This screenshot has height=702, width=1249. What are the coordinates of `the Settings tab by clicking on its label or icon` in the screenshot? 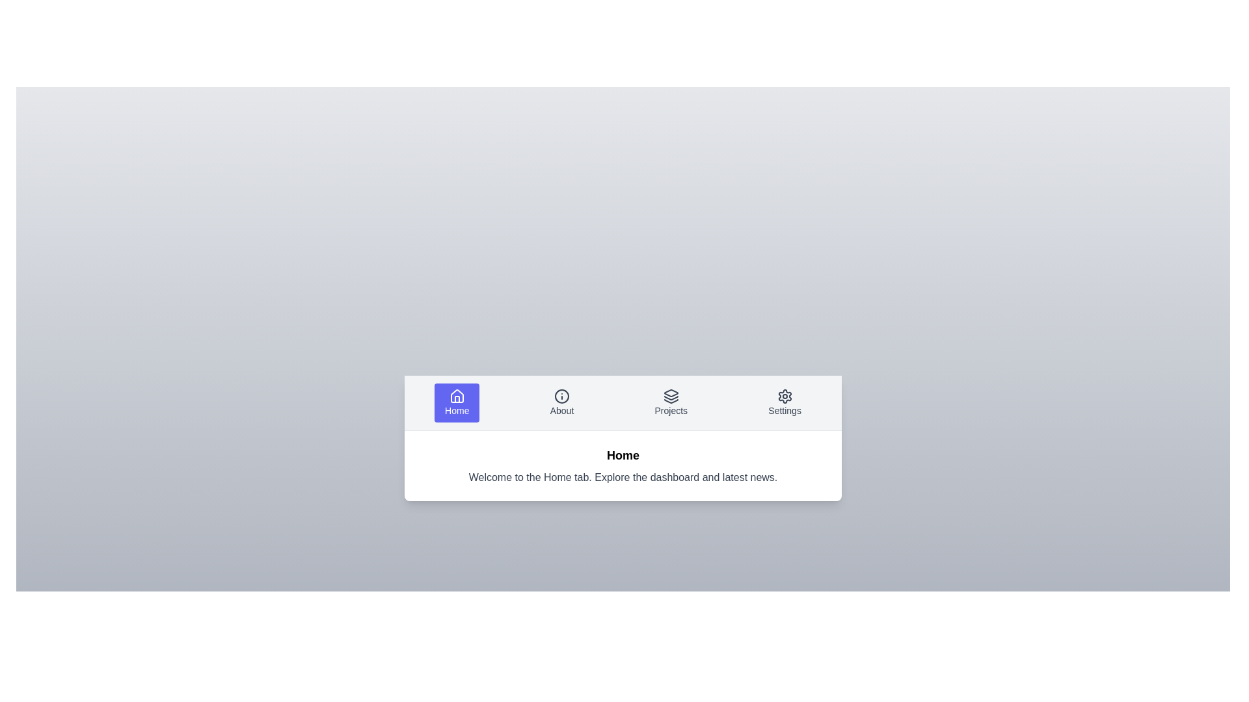 It's located at (784, 402).